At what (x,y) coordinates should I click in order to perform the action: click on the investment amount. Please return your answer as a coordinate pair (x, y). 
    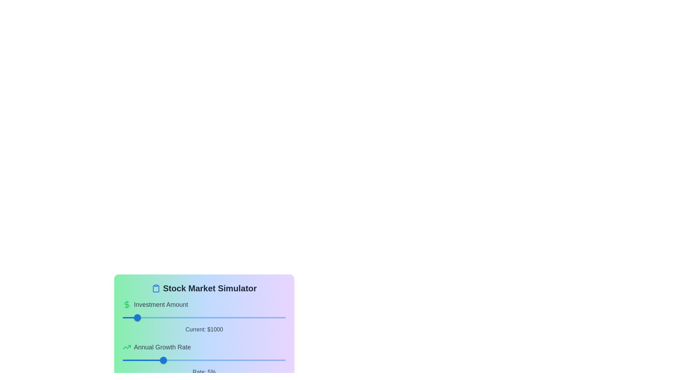
    Looking at the image, I should click on (173, 317).